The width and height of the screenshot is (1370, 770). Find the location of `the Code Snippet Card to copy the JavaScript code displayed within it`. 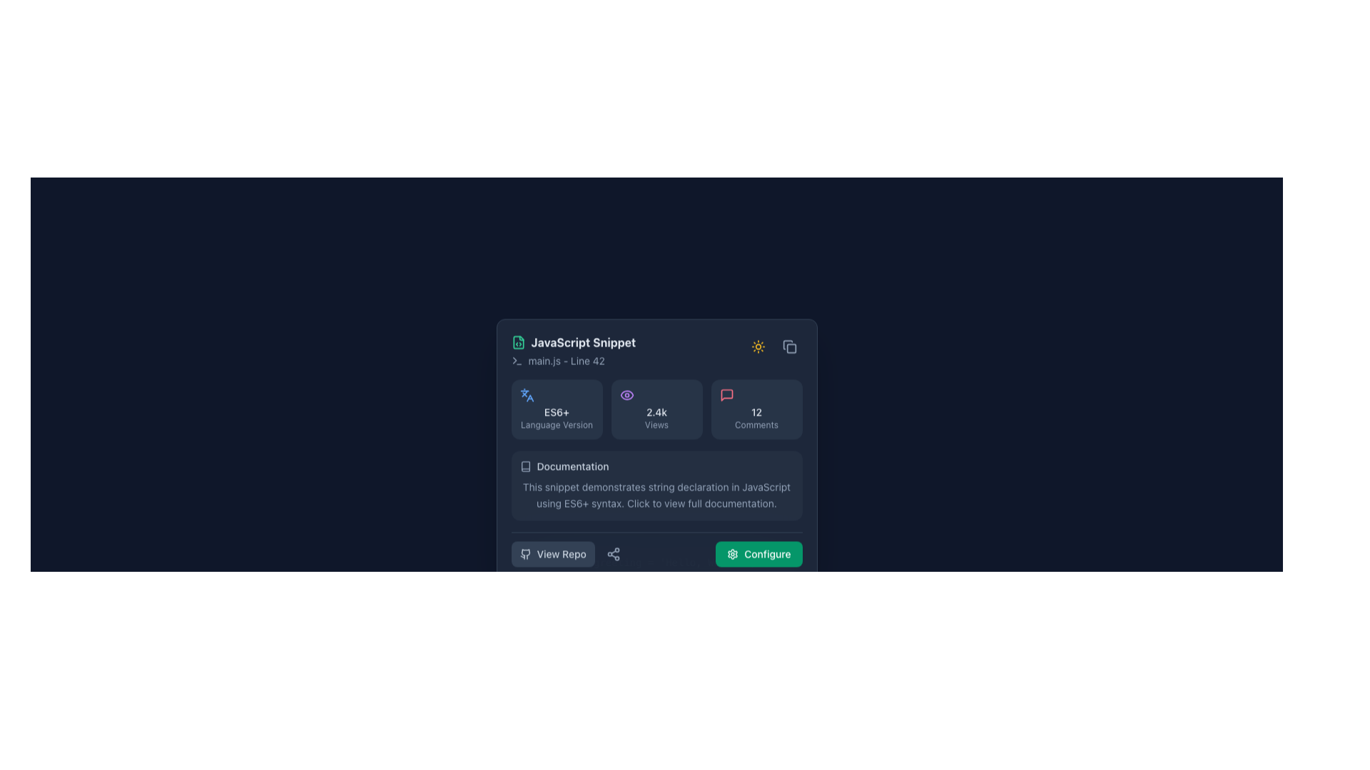

the Code Snippet Card to copy the JavaScript code displayed within it is located at coordinates (656, 562).